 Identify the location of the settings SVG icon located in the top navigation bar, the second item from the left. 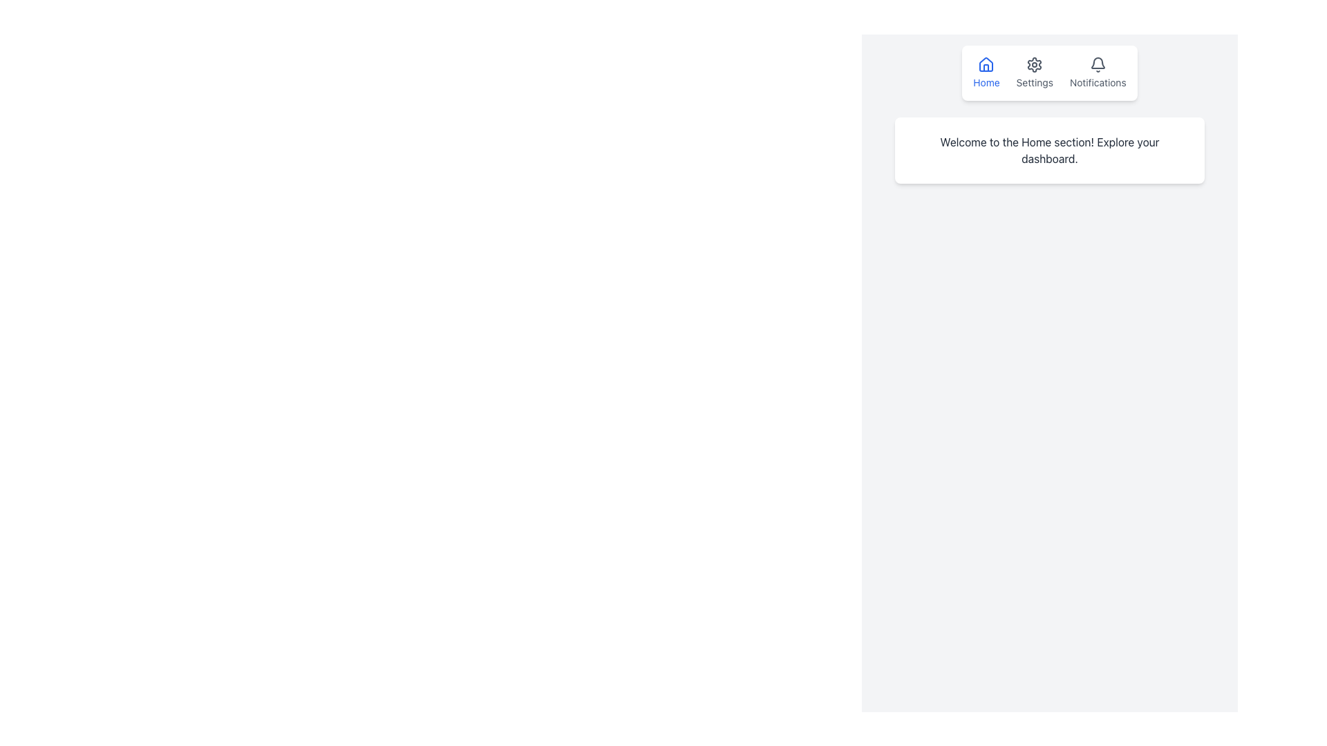
(1035, 64).